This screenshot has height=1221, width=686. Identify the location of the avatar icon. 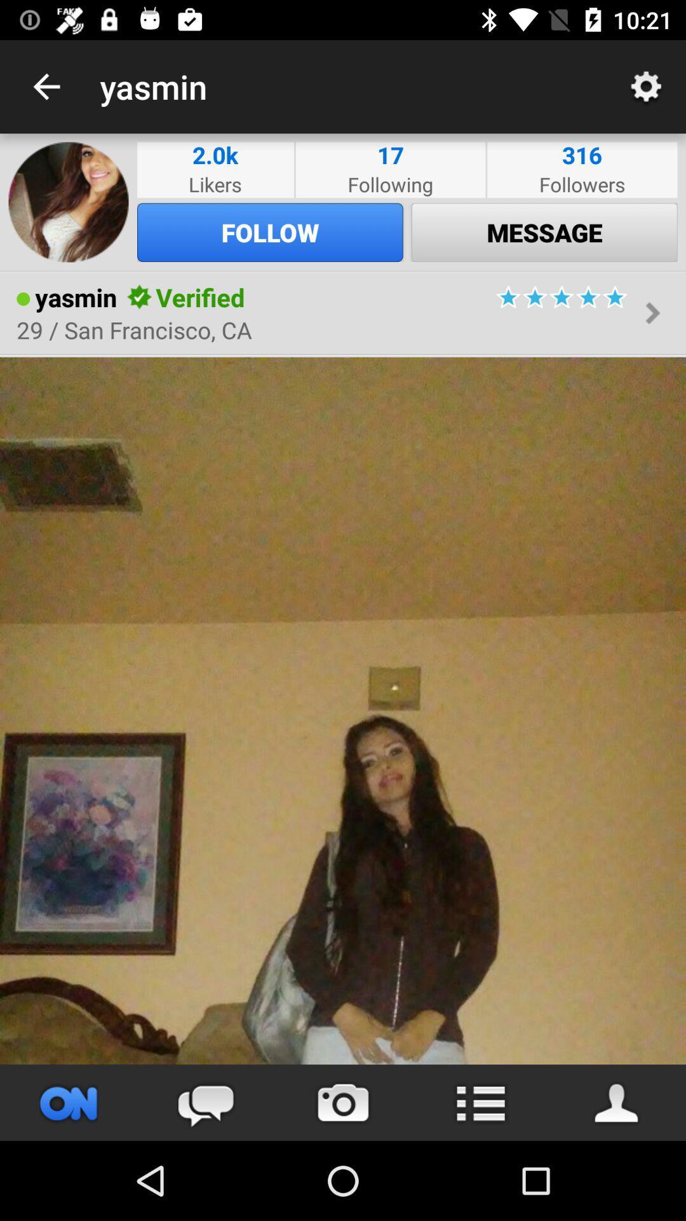
(617, 1102).